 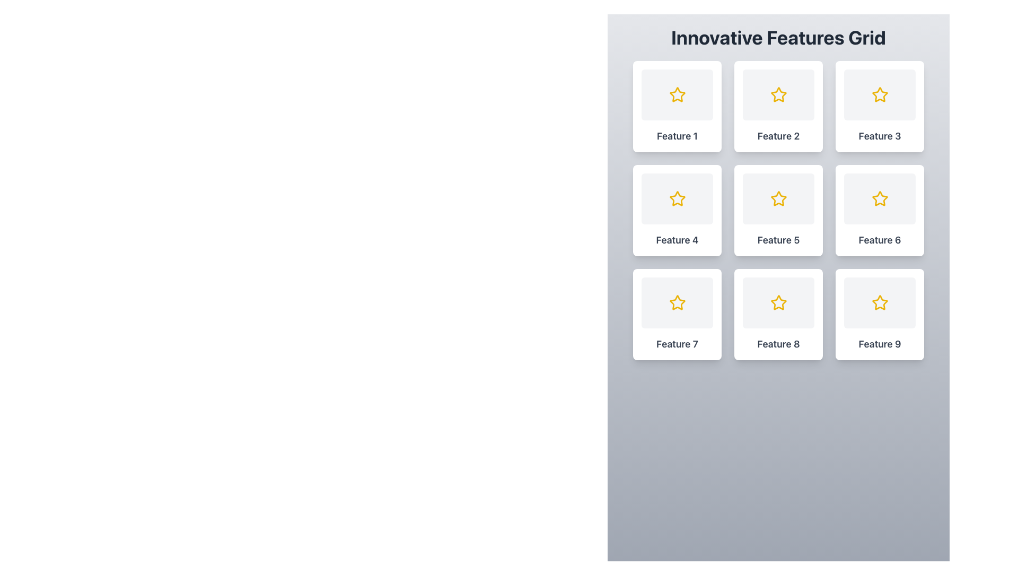 What do you see at coordinates (677, 302) in the screenshot?
I see `the star-shaped icon with a yellow outline that is centered above the text 'Feature 7'` at bounding box center [677, 302].